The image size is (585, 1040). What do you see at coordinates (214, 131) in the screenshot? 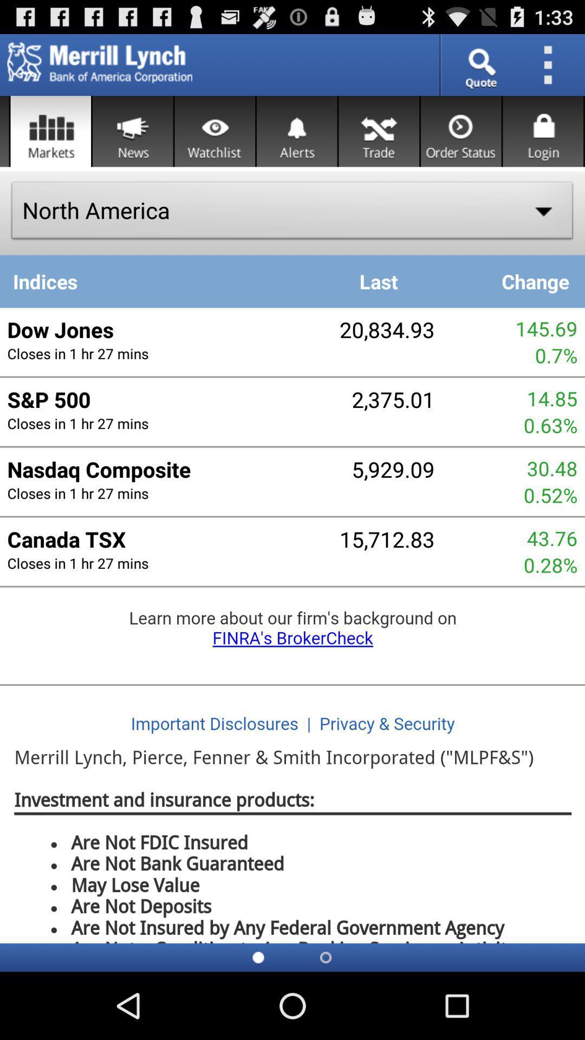
I see `the watch list` at bounding box center [214, 131].